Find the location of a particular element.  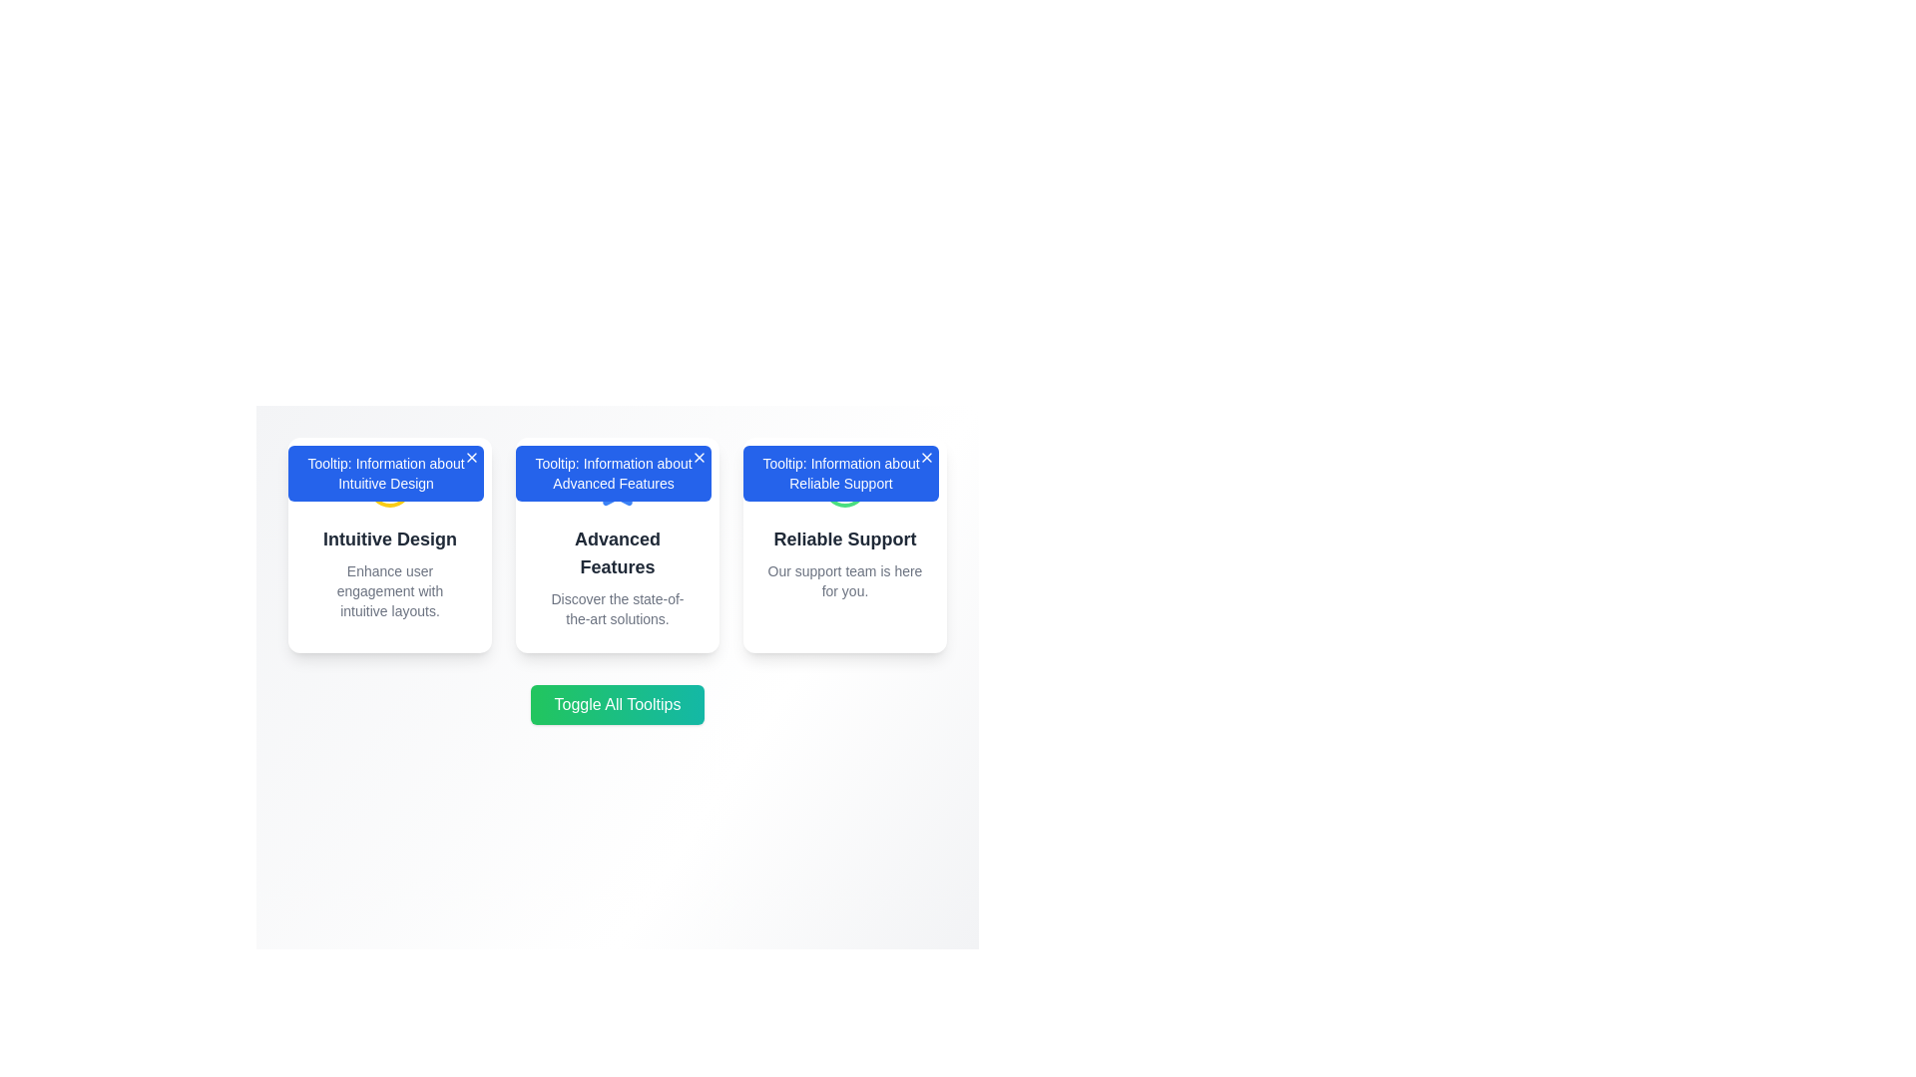

the circular information icon with a green hue located at the center-top of the 'Reliable Support' card is located at coordinates (844, 485).